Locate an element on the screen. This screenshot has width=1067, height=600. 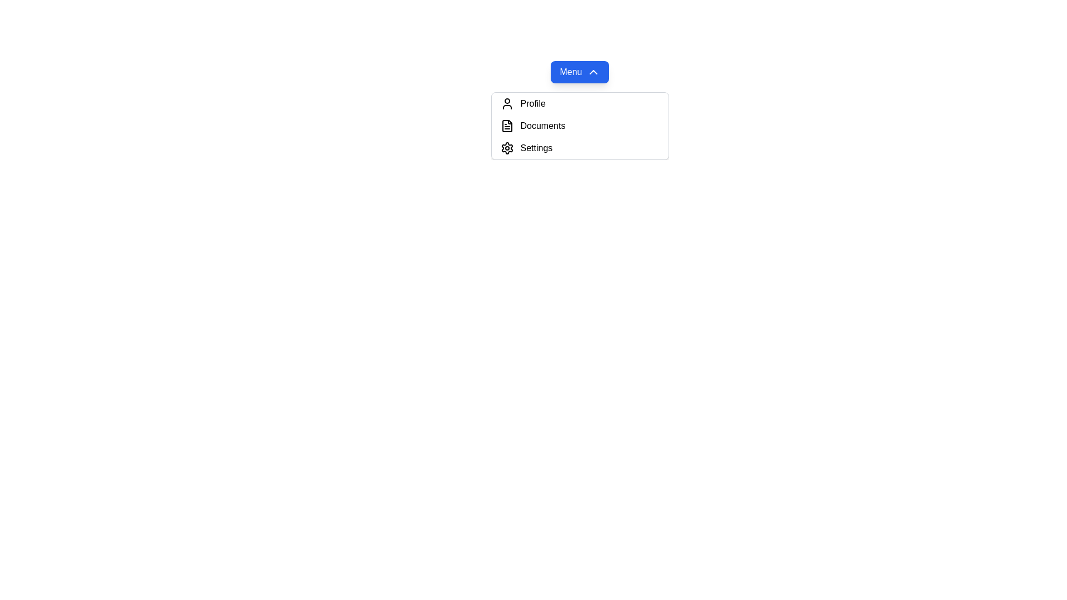
the 'Profile' icon in the dropdown menu, which is located to the left of the text label 'Profile' at the topmost row of menu items is located at coordinates (506, 103).